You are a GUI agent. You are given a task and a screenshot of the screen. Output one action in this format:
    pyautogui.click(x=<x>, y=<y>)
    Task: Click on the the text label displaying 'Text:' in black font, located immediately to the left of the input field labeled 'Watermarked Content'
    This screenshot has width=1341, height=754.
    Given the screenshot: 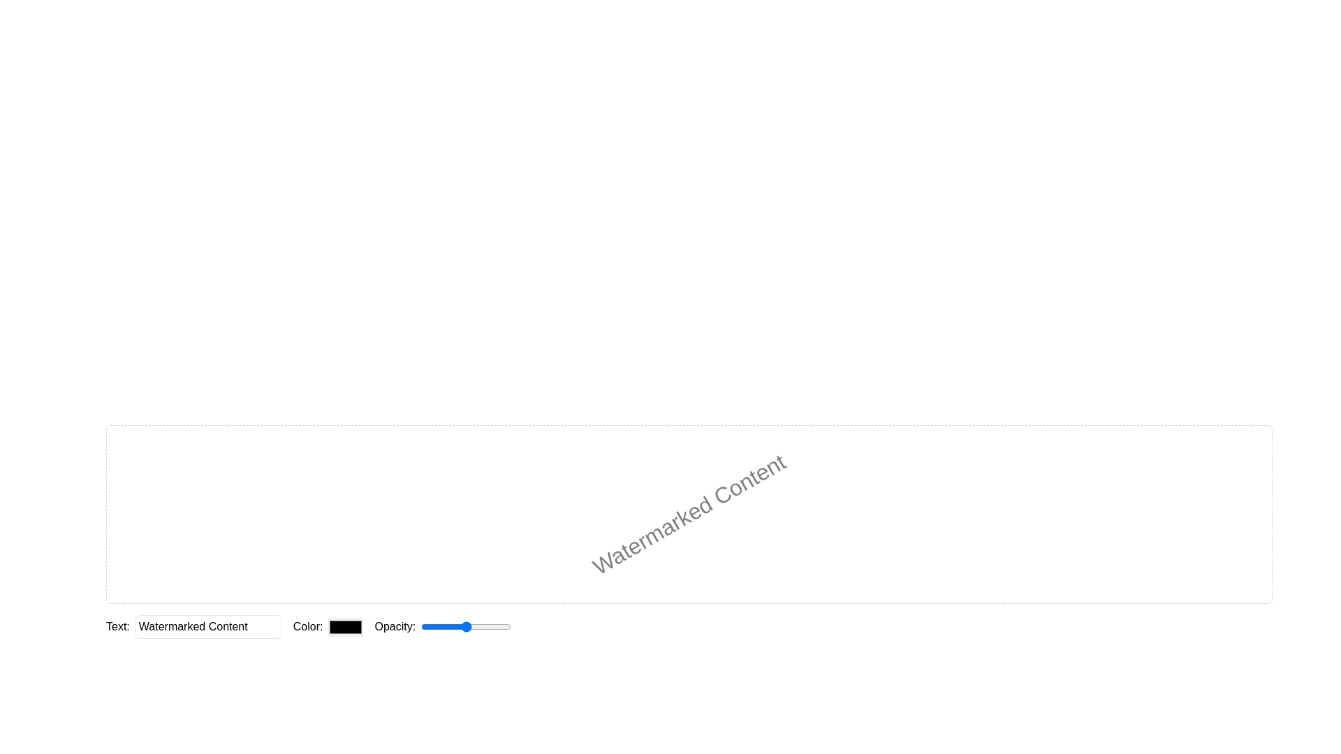 What is the action you would take?
    pyautogui.click(x=117, y=626)
    